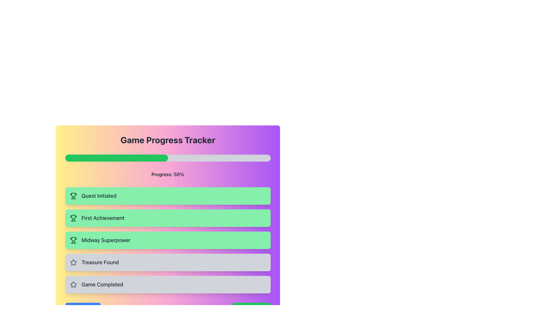 The height and width of the screenshot is (315, 560). I want to click on the Text Label that indicates the current progress percentage value, which is located beneath the 'Game Progress Tracker' heading and directly below the progress bar, so click(167, 174).